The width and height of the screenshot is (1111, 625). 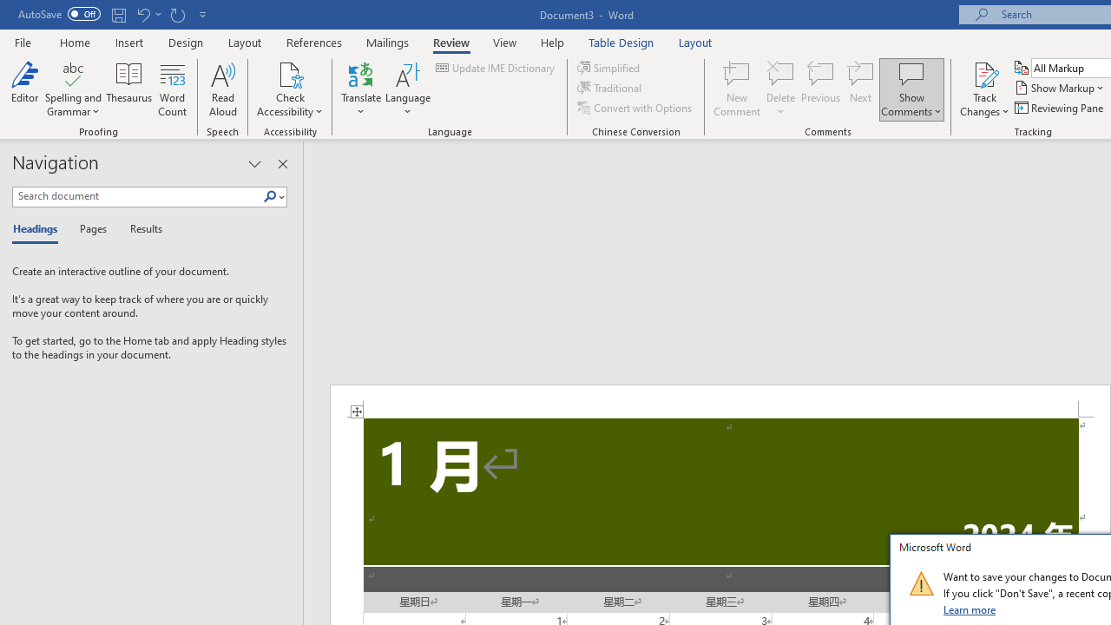 What do you see at coordinates (148, 14) in the screenshot?
I see `'Undo Increase Indent'` at bounding box center [148, 14].